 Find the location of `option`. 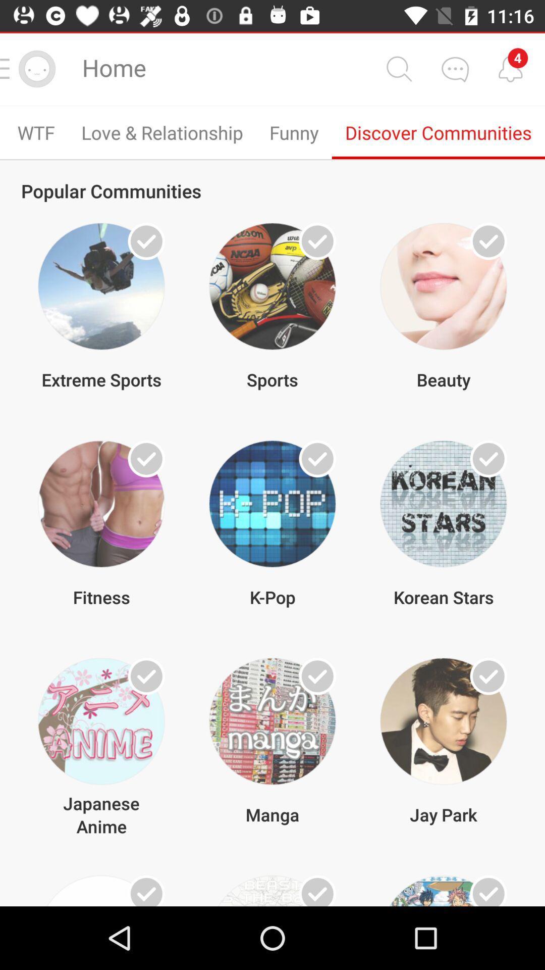

option is located at coordinates (146, 240).